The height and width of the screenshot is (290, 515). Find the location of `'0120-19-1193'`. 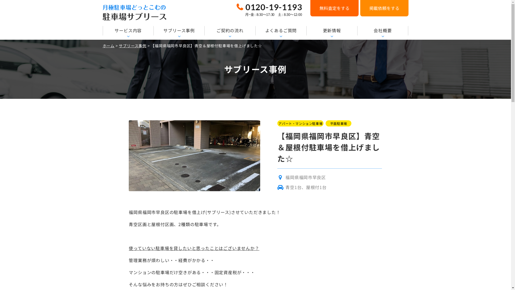

'0120-19-1193' is located at coordinates (269, 7).